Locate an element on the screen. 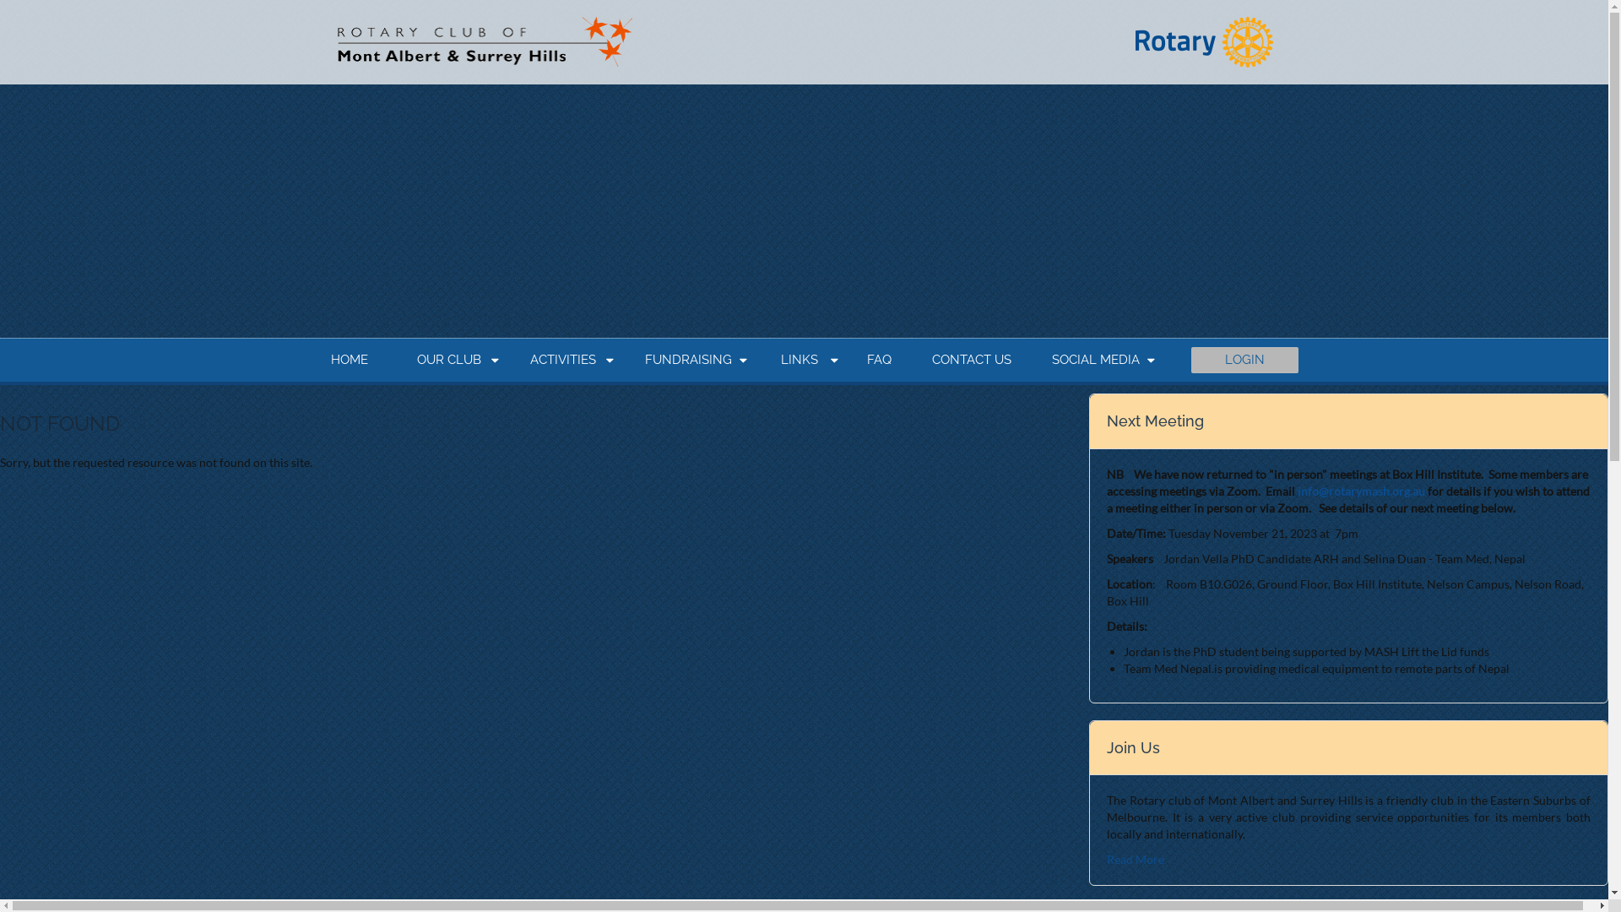  'SOCIAL MEDIA' is located at coordinates (1099, 359).